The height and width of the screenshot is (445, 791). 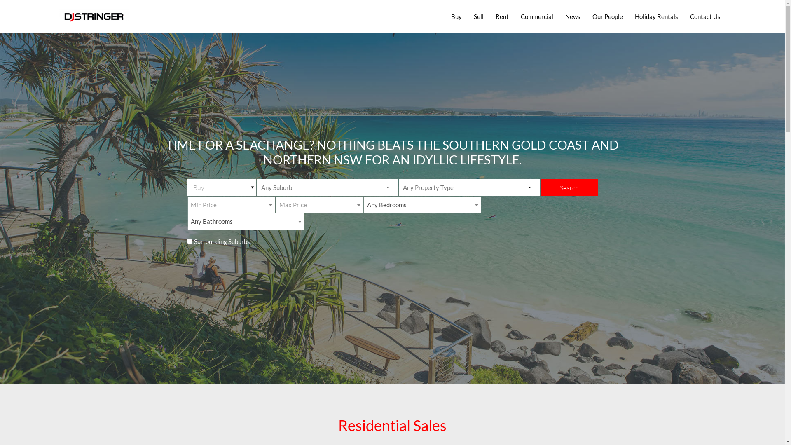 I want to click on 'Rent', so click(x=502, y=16).